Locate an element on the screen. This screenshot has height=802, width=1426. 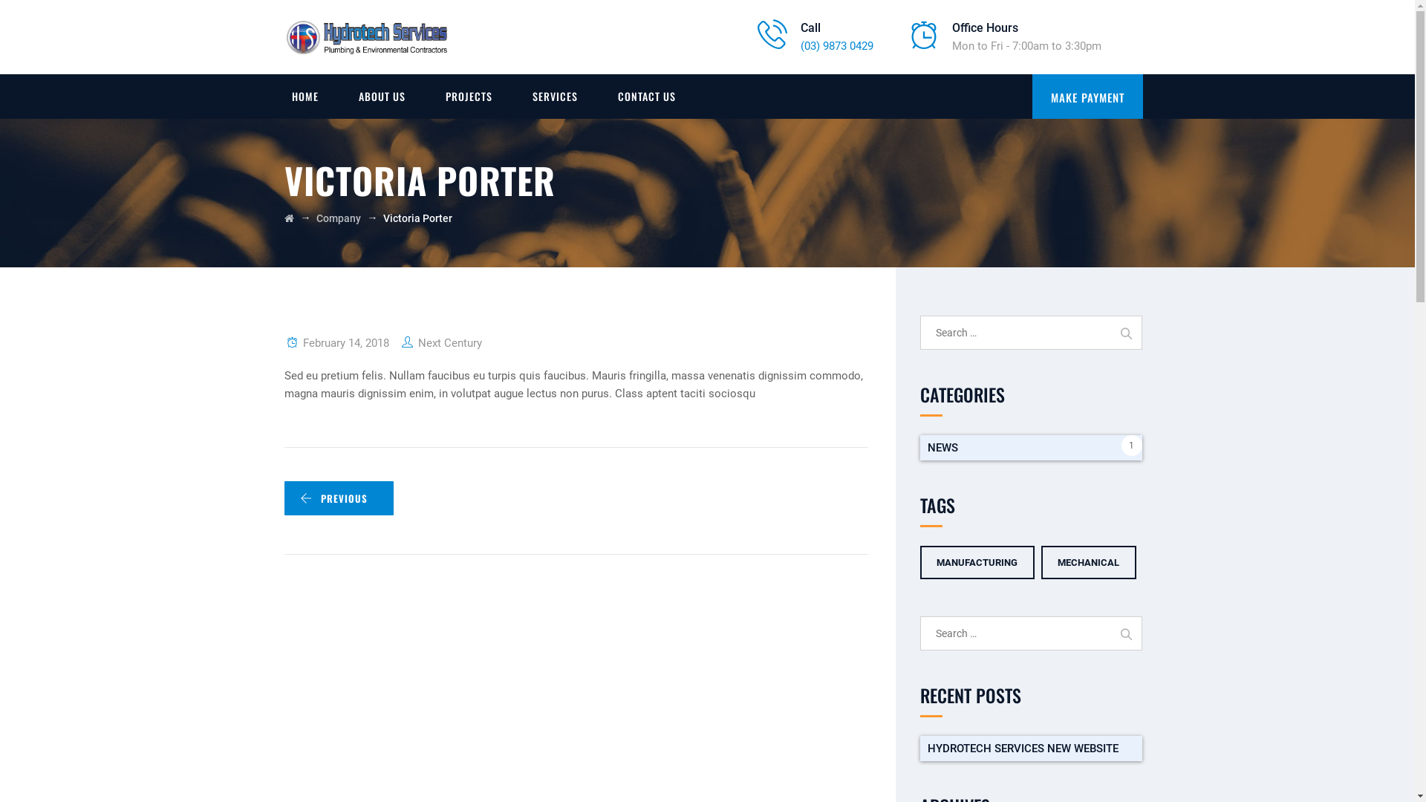
'Next Century' is located at coordinates (416, 343).